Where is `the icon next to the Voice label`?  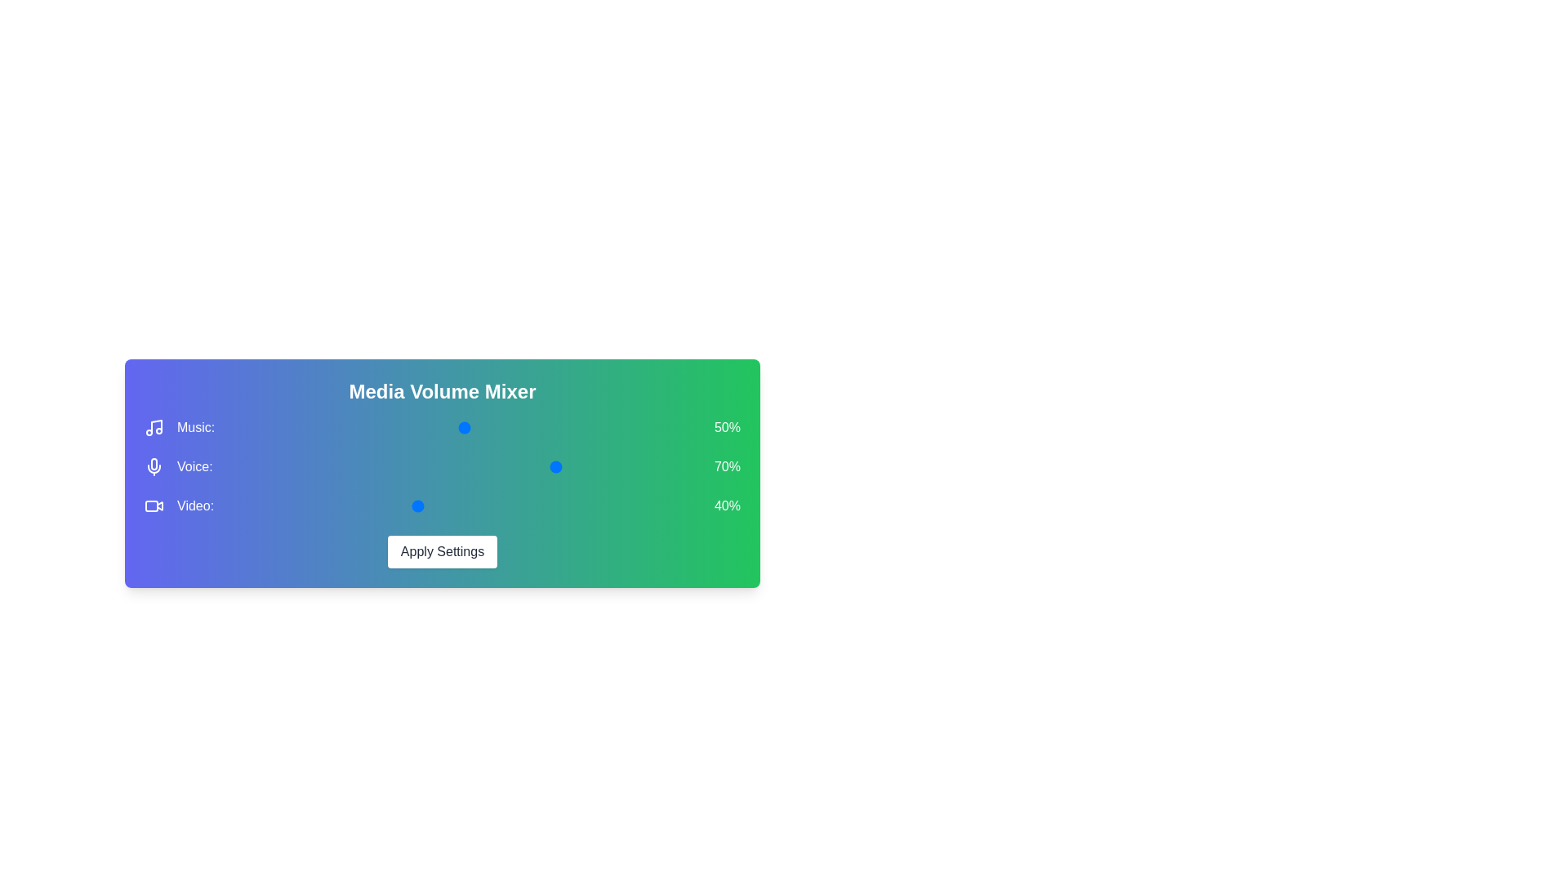 the icon next to the Voice label is located at coordinates (154, 466).